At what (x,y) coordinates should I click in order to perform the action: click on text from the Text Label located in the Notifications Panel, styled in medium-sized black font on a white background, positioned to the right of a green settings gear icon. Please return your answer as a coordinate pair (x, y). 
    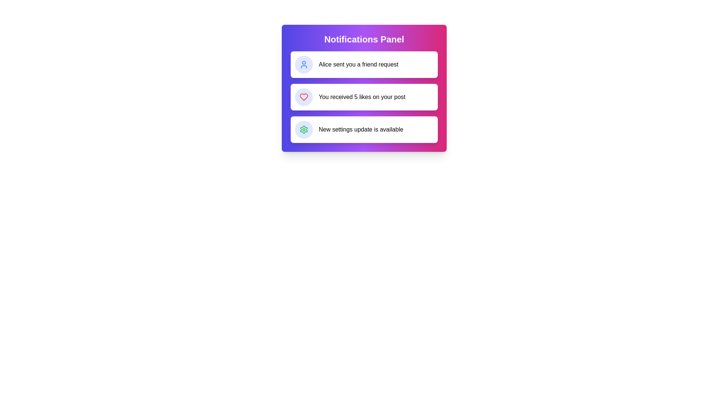
    Looking at the image, I should click on (361, 129).